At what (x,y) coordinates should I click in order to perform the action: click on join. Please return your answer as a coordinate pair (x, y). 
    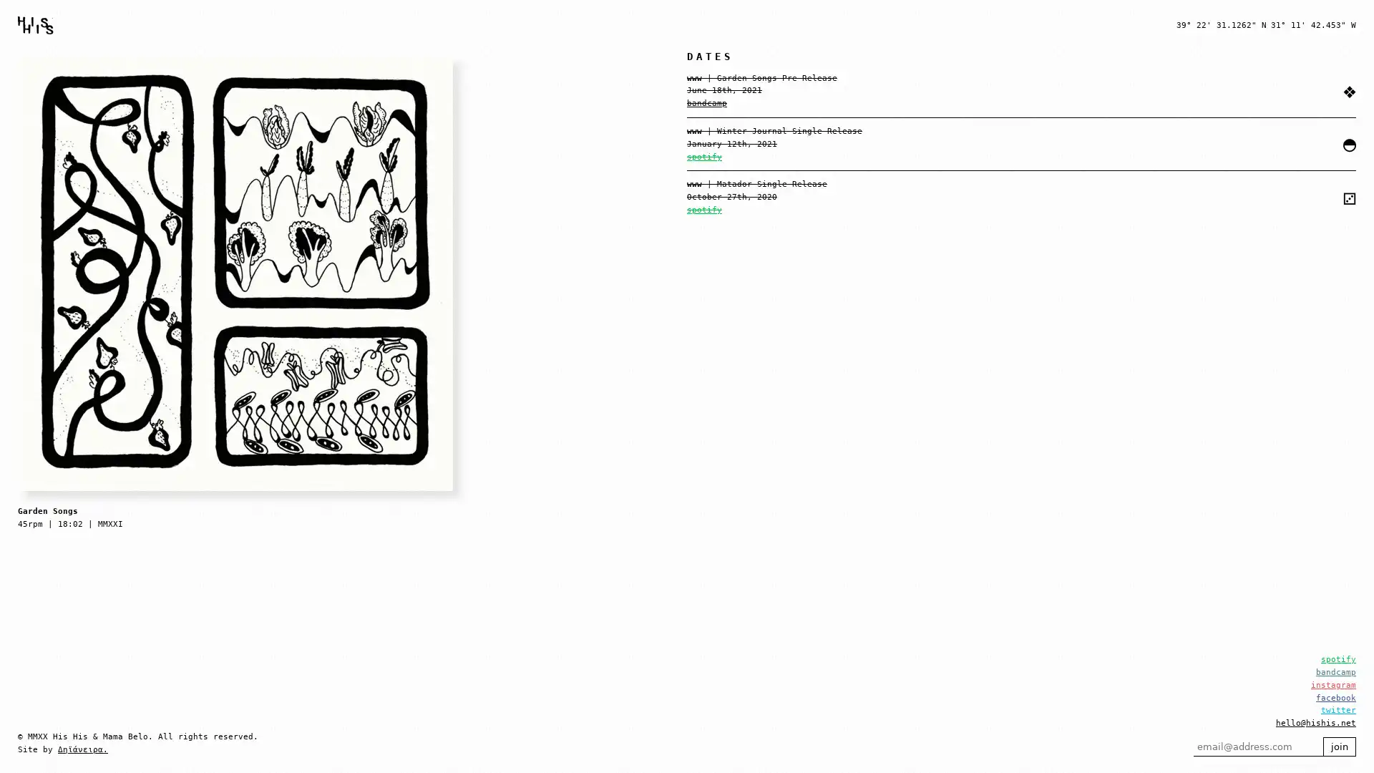
    Looking at the image, I should click on (1271, 705).